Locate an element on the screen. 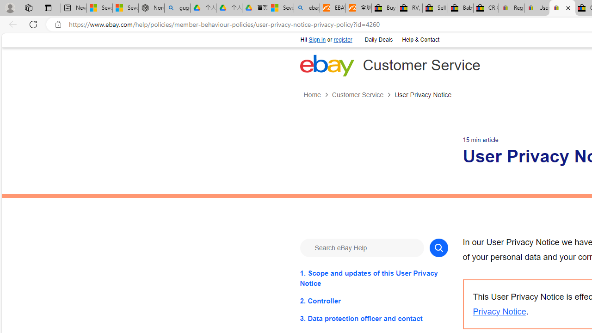 The image size is (592, 333). 'Register: Create a personal eBay account' is located at coordinates (511, 8).